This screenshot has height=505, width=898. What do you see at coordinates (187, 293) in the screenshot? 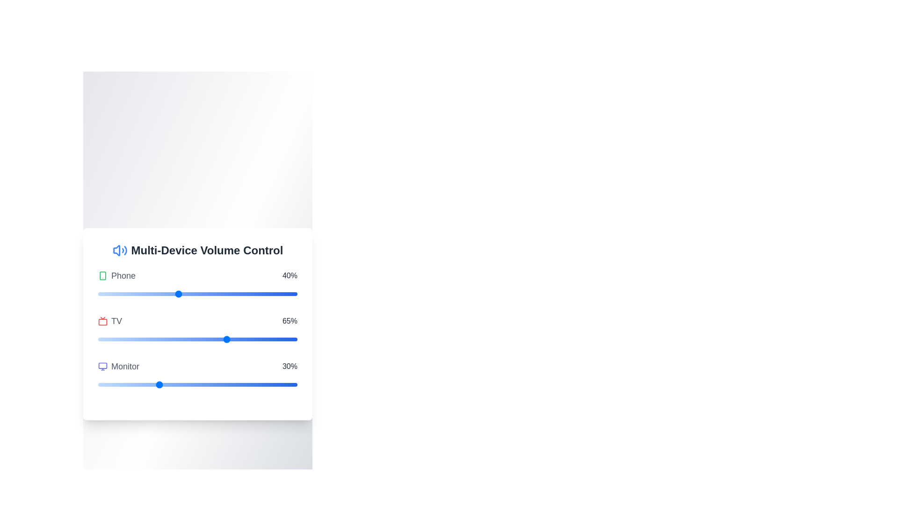
I see `the volume for the phone` at bounding box center [187, 293].